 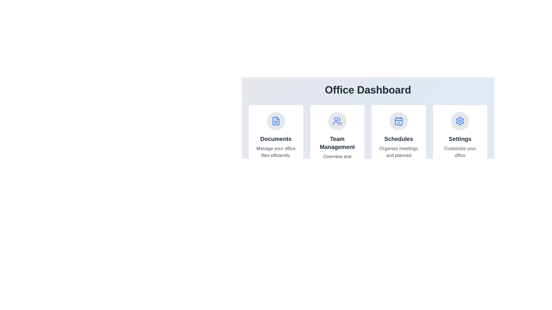 I want to click on the card that provides access to managing office files, located in the first column of the grid layout, so click(x=275, y=142).